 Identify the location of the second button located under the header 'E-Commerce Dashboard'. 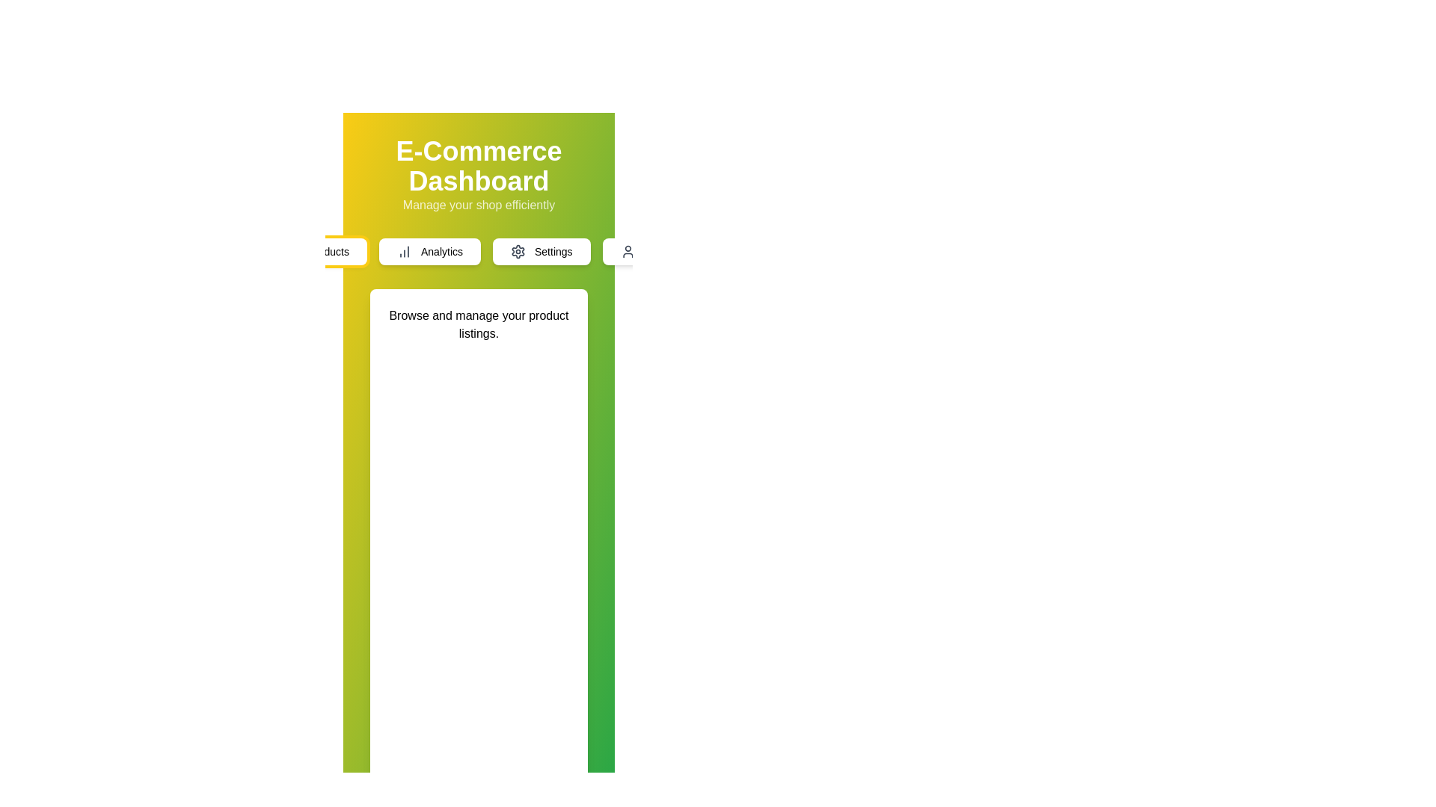
(429, 250).